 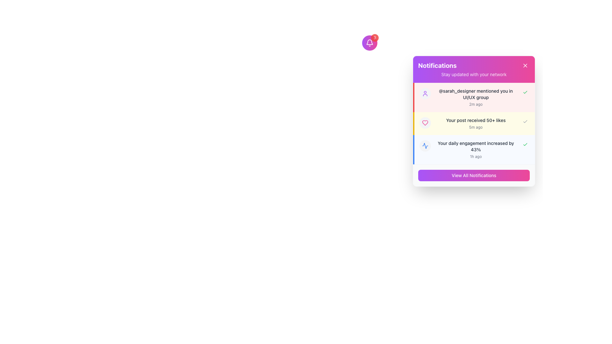 What do you see at coordinates (437, 65) in the screenshot?
I see `the bold 'Notifications' text label located at the top left of the notification panel with a vibrant gradient background` at bounding box center [437, 65].